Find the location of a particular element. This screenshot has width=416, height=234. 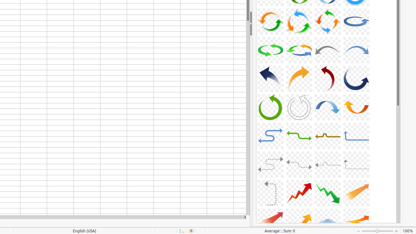

'A29-CurvedArrow-Green' is located at coordinates (270, 107).